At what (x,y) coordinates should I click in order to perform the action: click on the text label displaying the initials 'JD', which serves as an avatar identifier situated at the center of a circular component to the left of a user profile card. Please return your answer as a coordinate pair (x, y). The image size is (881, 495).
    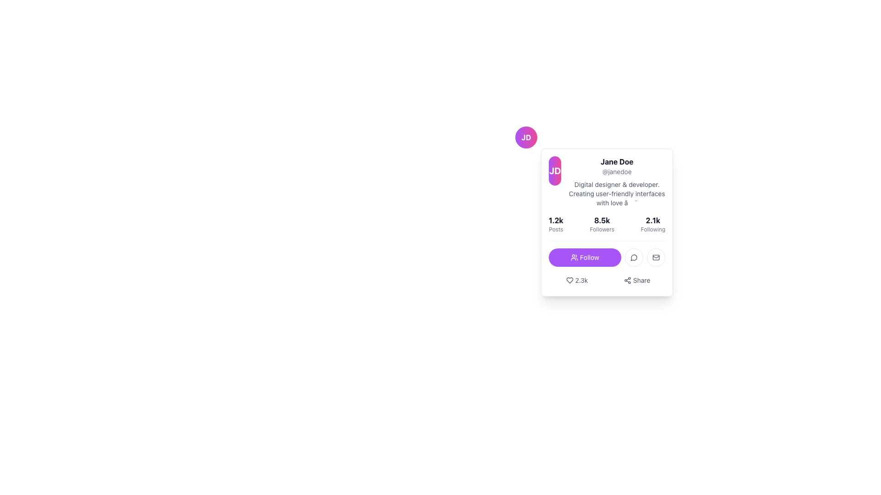
    Looking at the image, I should click on (554, 171).